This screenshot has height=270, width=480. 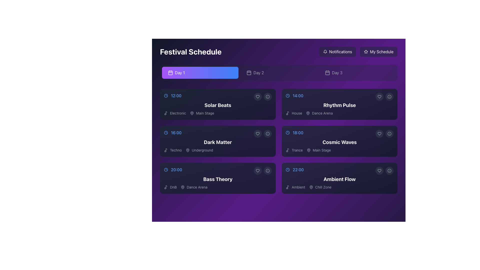 I want to click on the heart icon located inside the circular button in the bottom-left corner of the 'Bass Theory' schedule card, so click(x=258, y=170).